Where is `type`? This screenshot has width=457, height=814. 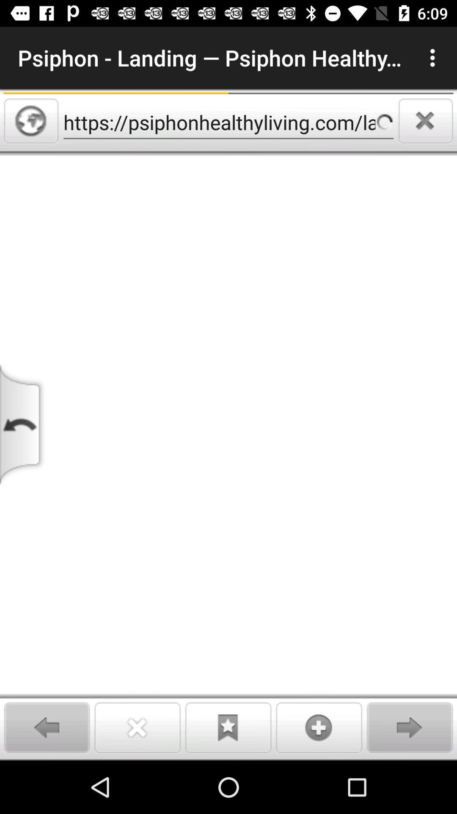
type is located at coordinates (228, 457).